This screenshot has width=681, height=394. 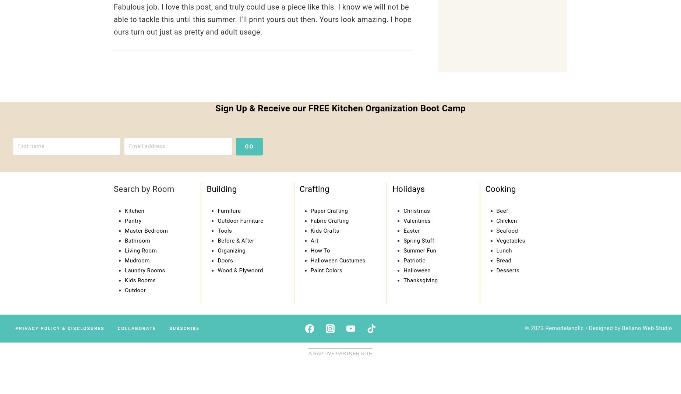 I want to click on 'Sign Up & Receive our FREE Kitchen Organization Boot Camp', so click(x=340, y=108).